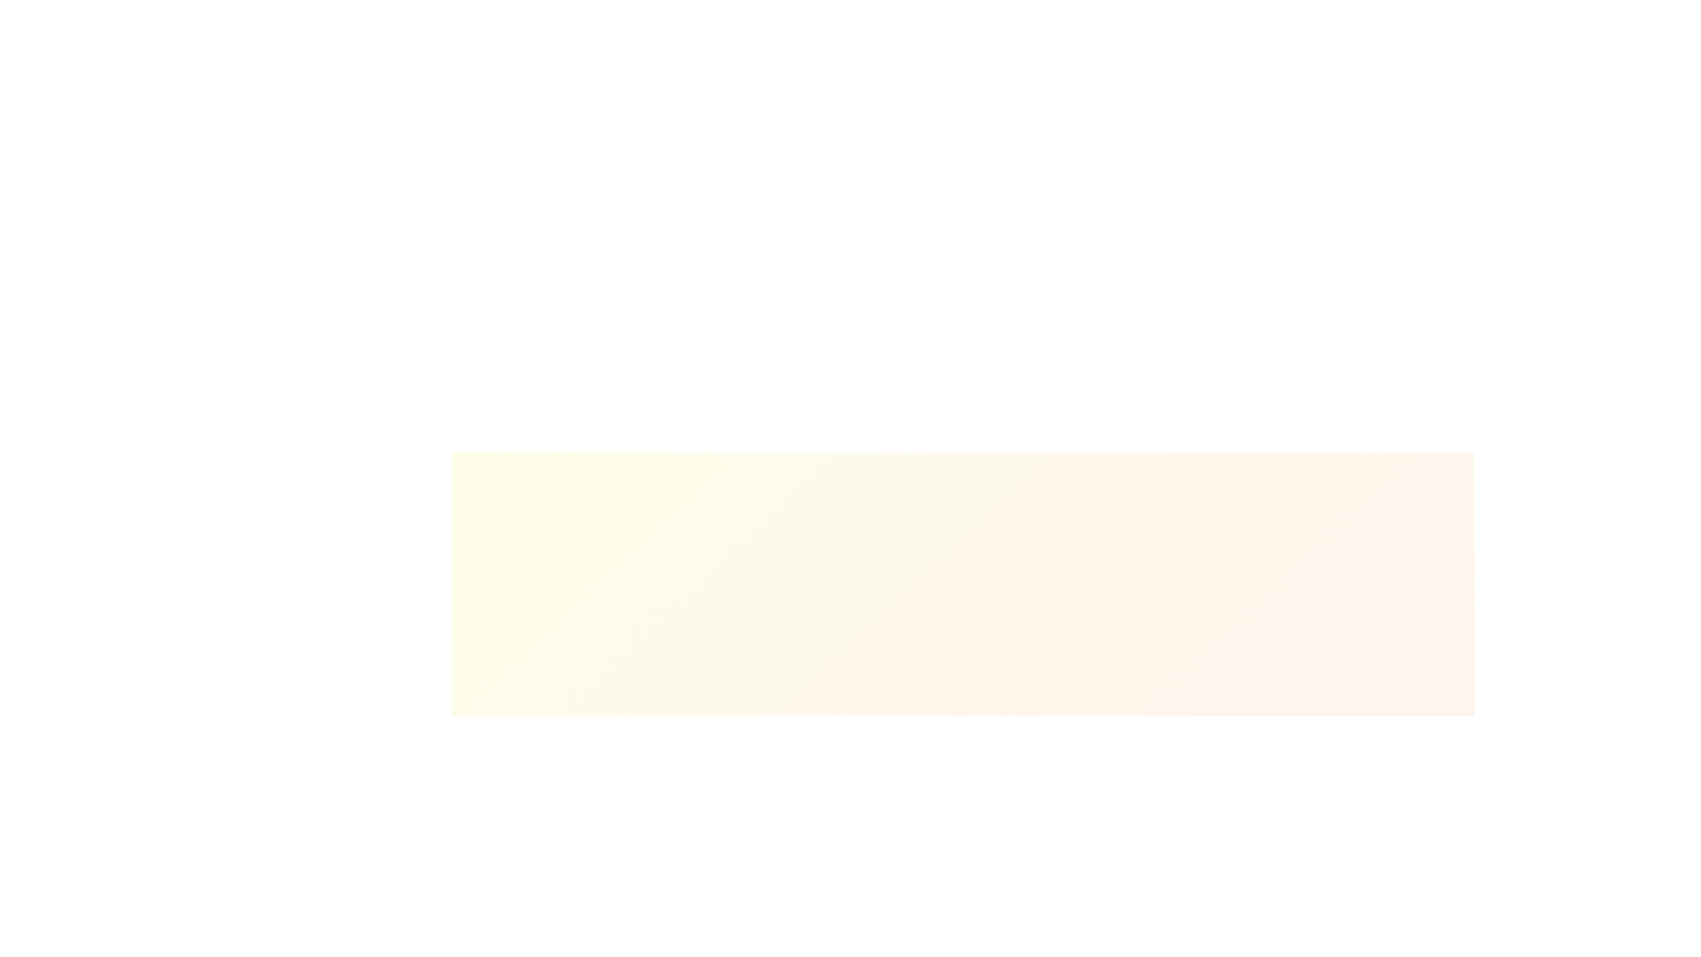 The height and width of the screenshot is (957, 1701). What do you see at coordinates (962, 916) in the screenshot?
I see `the progress status by focusing on the centrally positioned Information Display element that provides textual and numerical feedback about the uploading process, located above the progress bar` at bounding box center [962, 916].